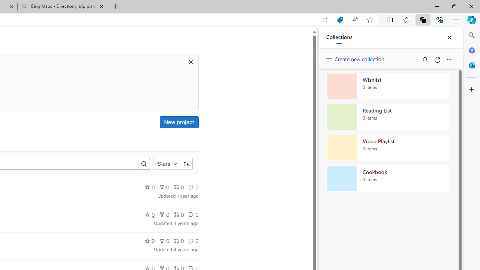 The height and width of the screenshot is (270, 480). Describe the element at coordinates (166, 163) in the screenshot. I see `'Stars'` at that location.